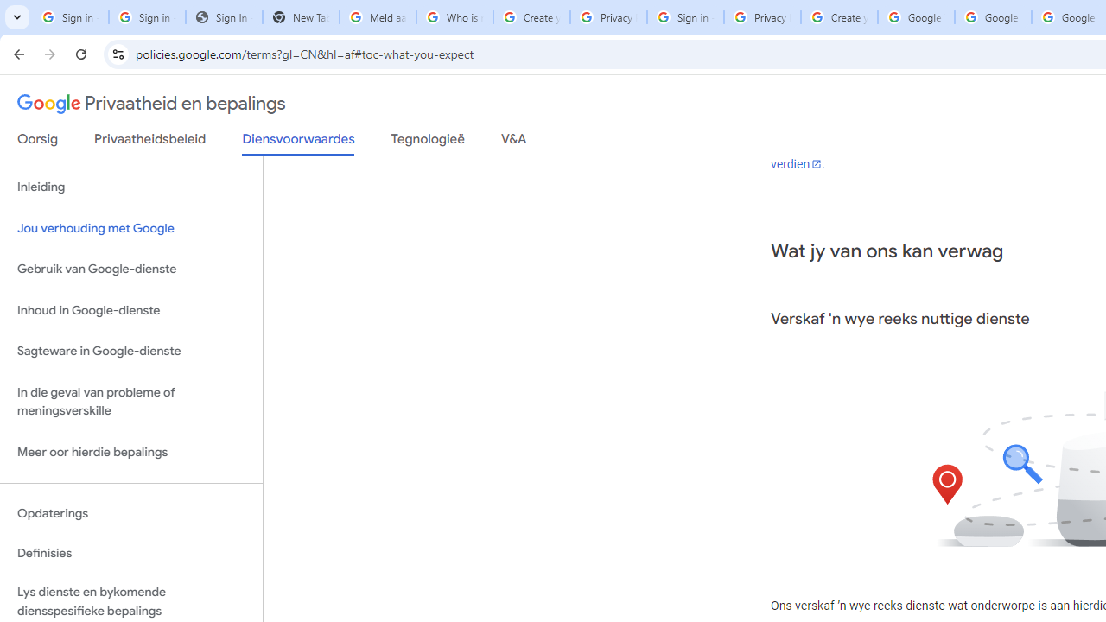 The width and height of the screenshot is (1106, 622). I want to click on 'Oorsig', so click(38, 142).